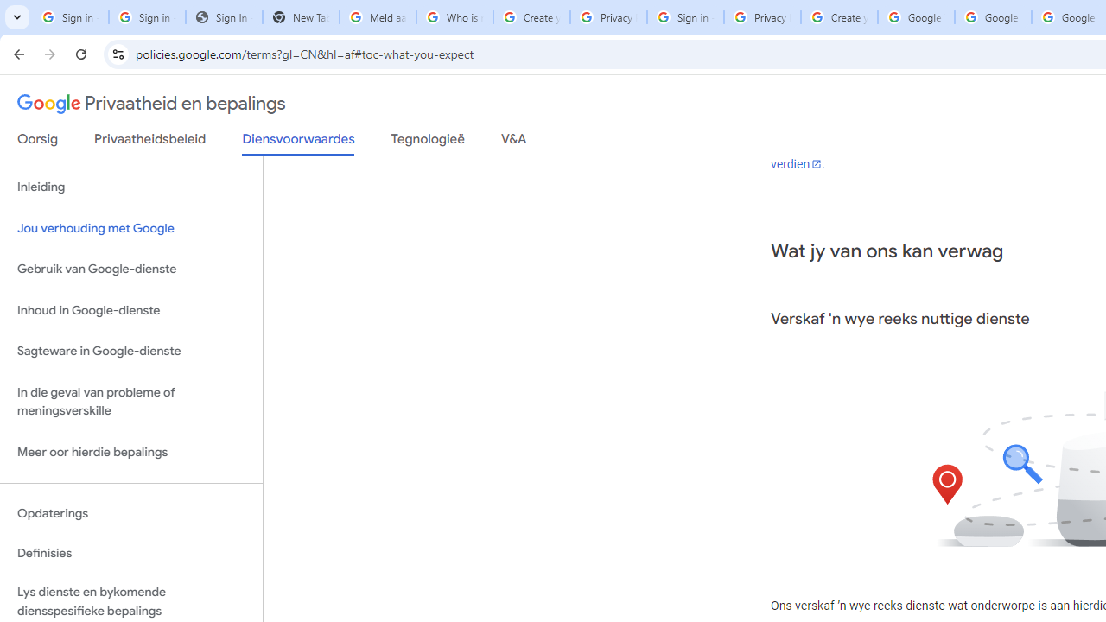 The width and height of the screenshot is (1106, 622). I want to click on 'Oorsig', so click(38, 142).